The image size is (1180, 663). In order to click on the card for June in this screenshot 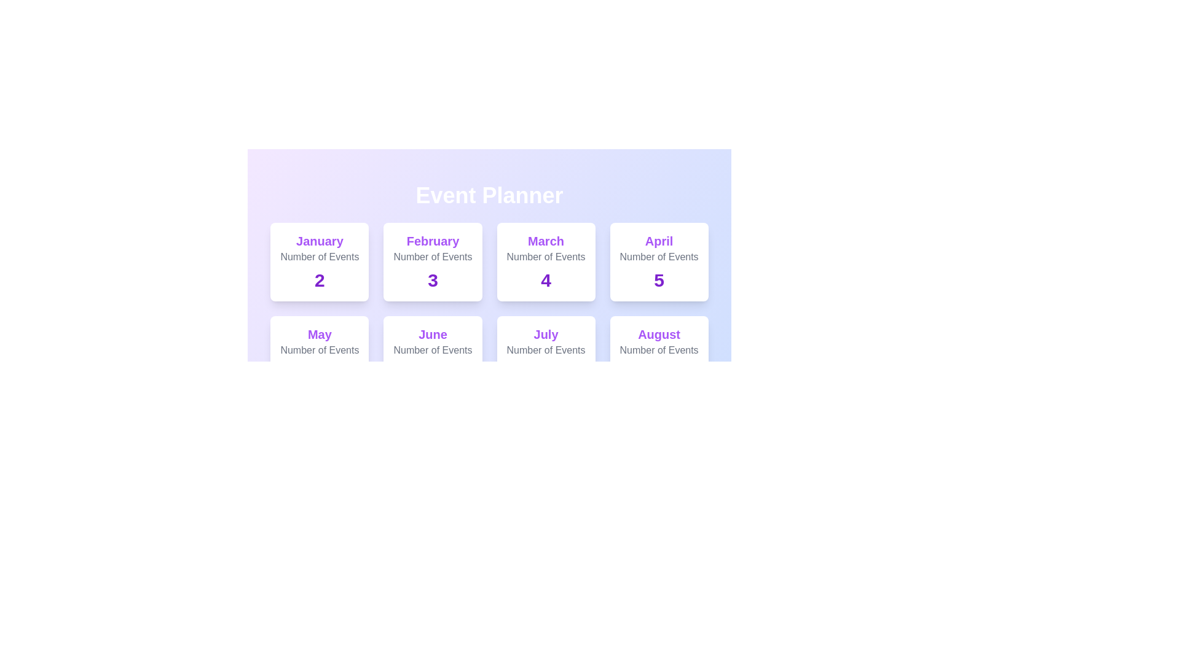, I will do `click(433, 355)`.